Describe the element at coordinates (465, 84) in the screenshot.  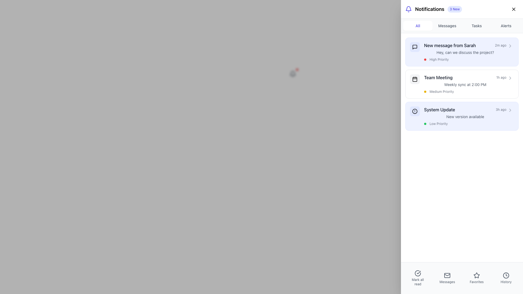
I see `the second notification item titled 'Team Meeting'` at that location.